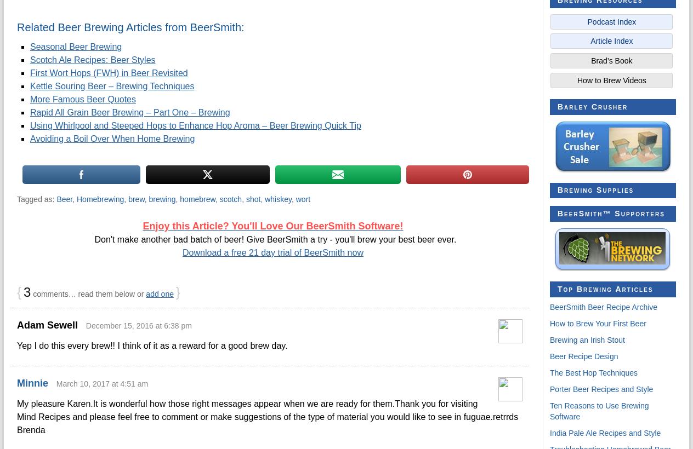 The height and width of the screenshot is (449, 693). Describe the element at coordinates (268, 416) in the screenshot. I see `'My pleasure Karen.It is wonderful how those right messages appear when we are ready for them.Thank you for visiting Mind Recipes and please feel free to comment or make suggestions of the type of material you would like to see in fuguae.retrrds  Brenda'` at that location.